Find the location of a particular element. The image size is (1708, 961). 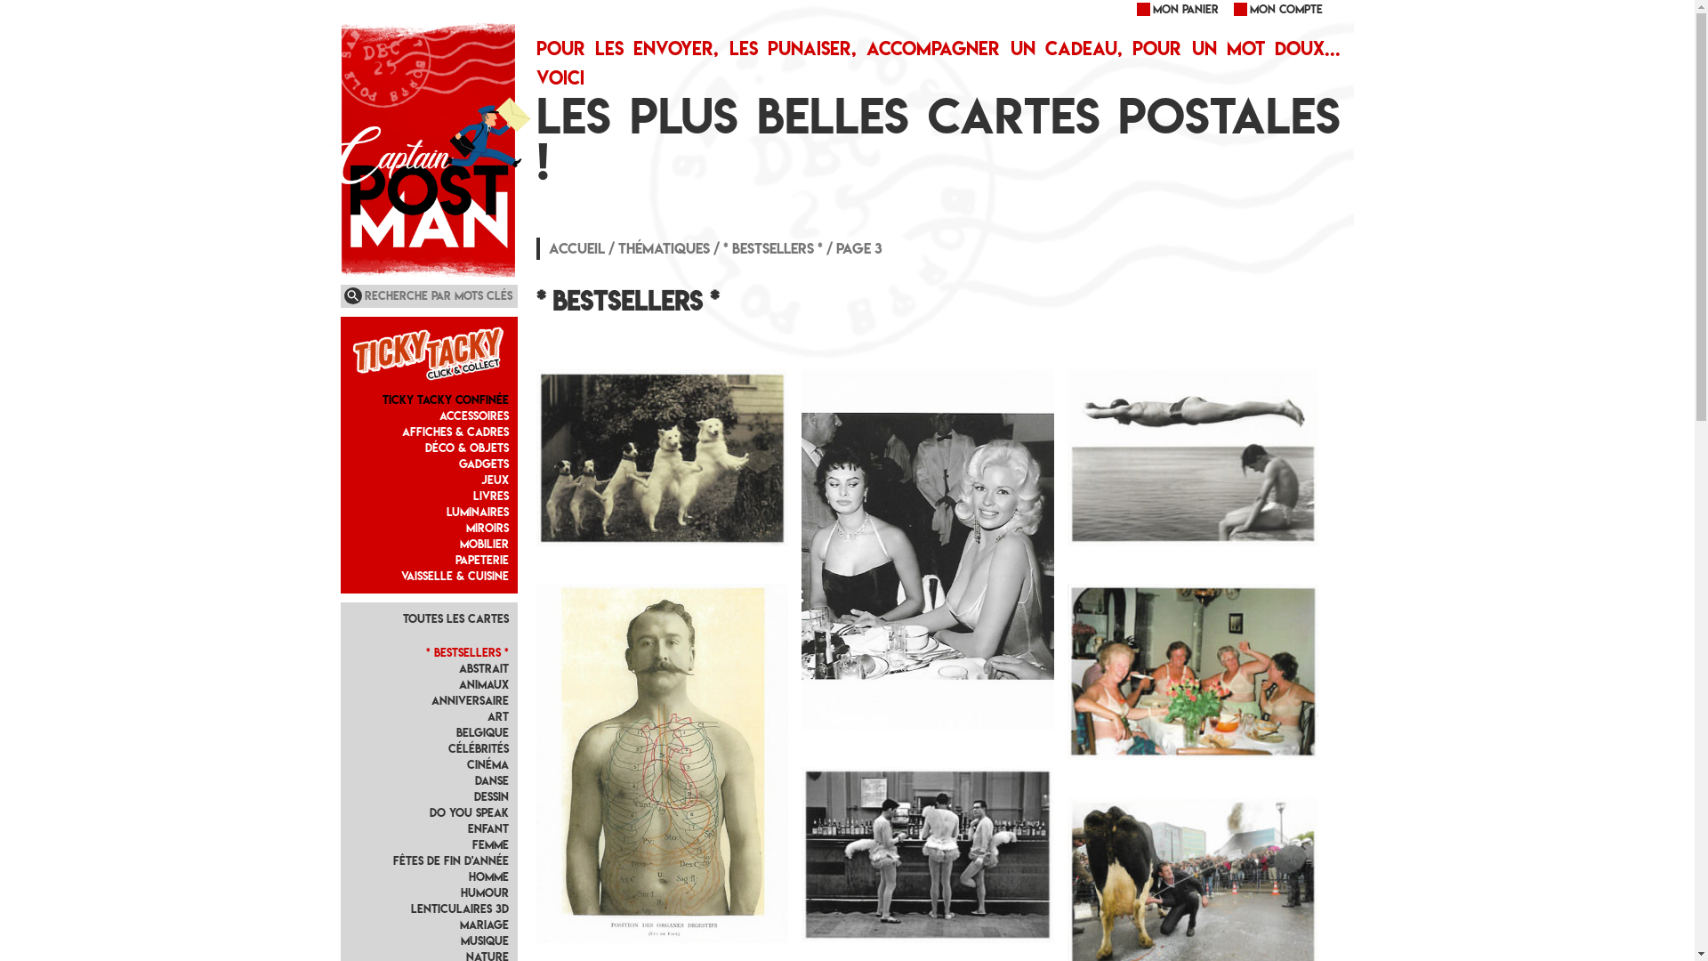

'Danse' is located at coordinates (491, 779).